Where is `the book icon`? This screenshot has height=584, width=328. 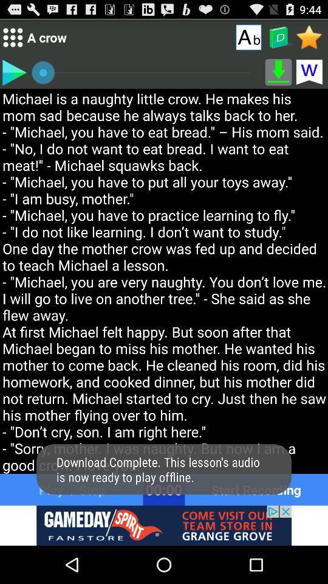 the book icon is located at coordinates (278, 40).